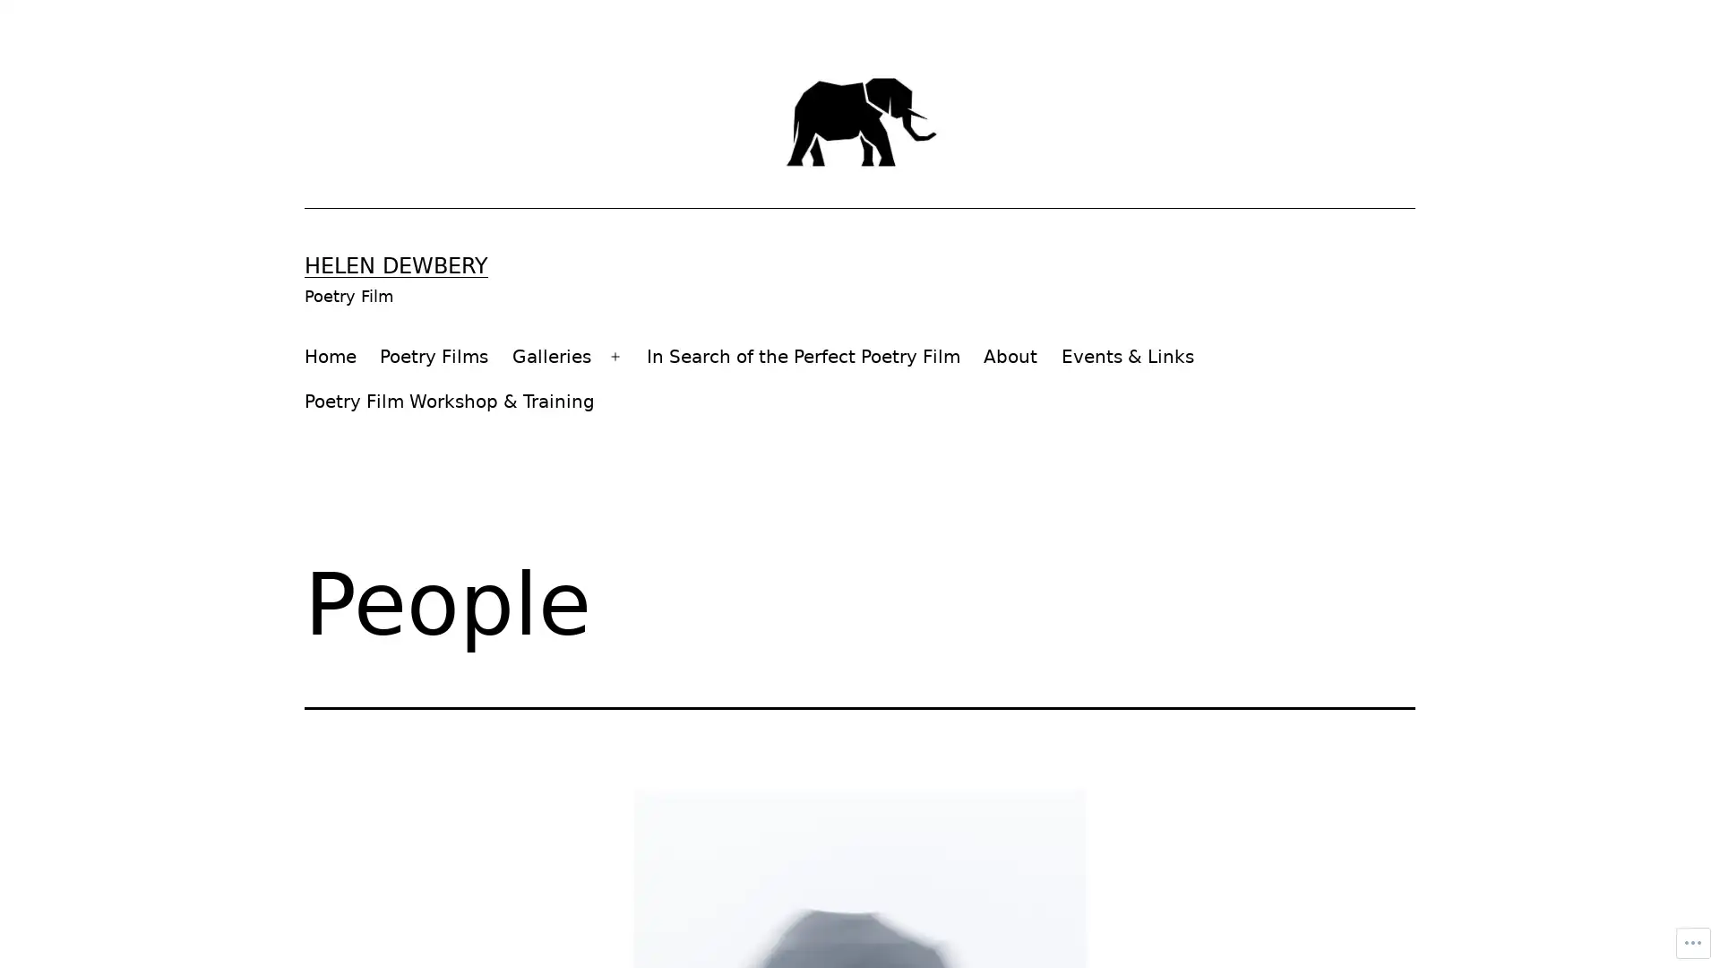 Image resolution: width=1720 pixels, height=968 pixels. Describe the element at coordinates (615, 356) in the screenshot. I see `Open menu` at that location.